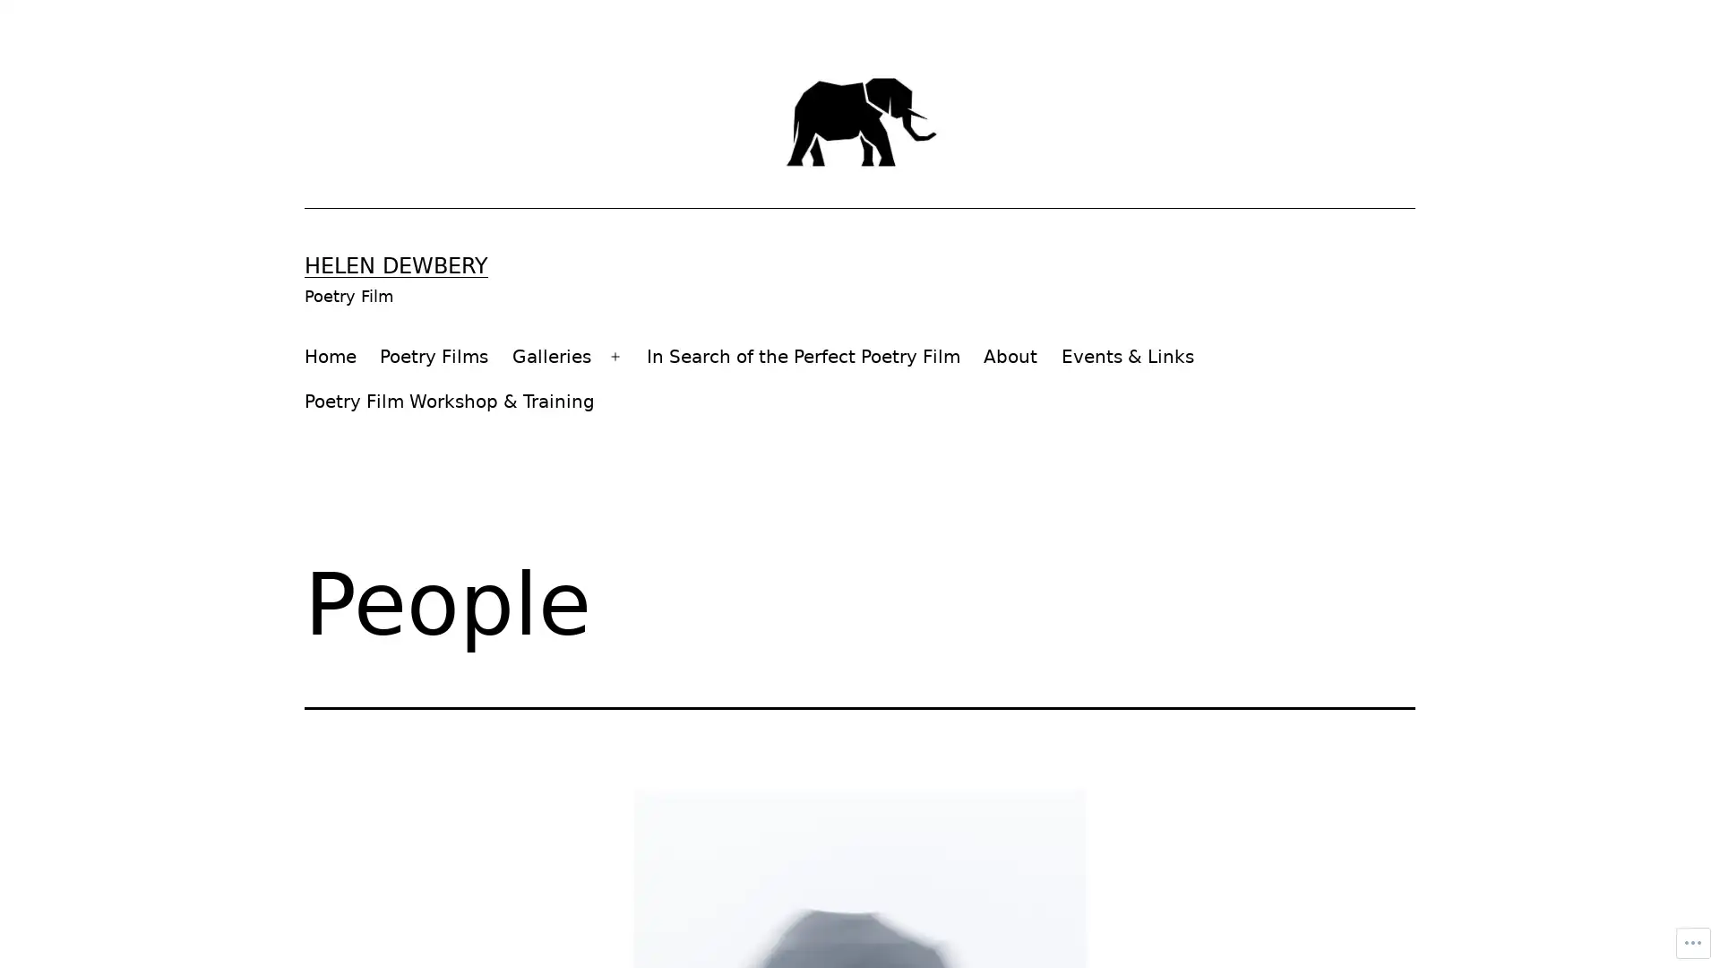 Image resolution: width=1720 pixels, height=968 pixels. Describe the element at coordinates (615, 356) in the screenshot. I see `Open menu` at that location.